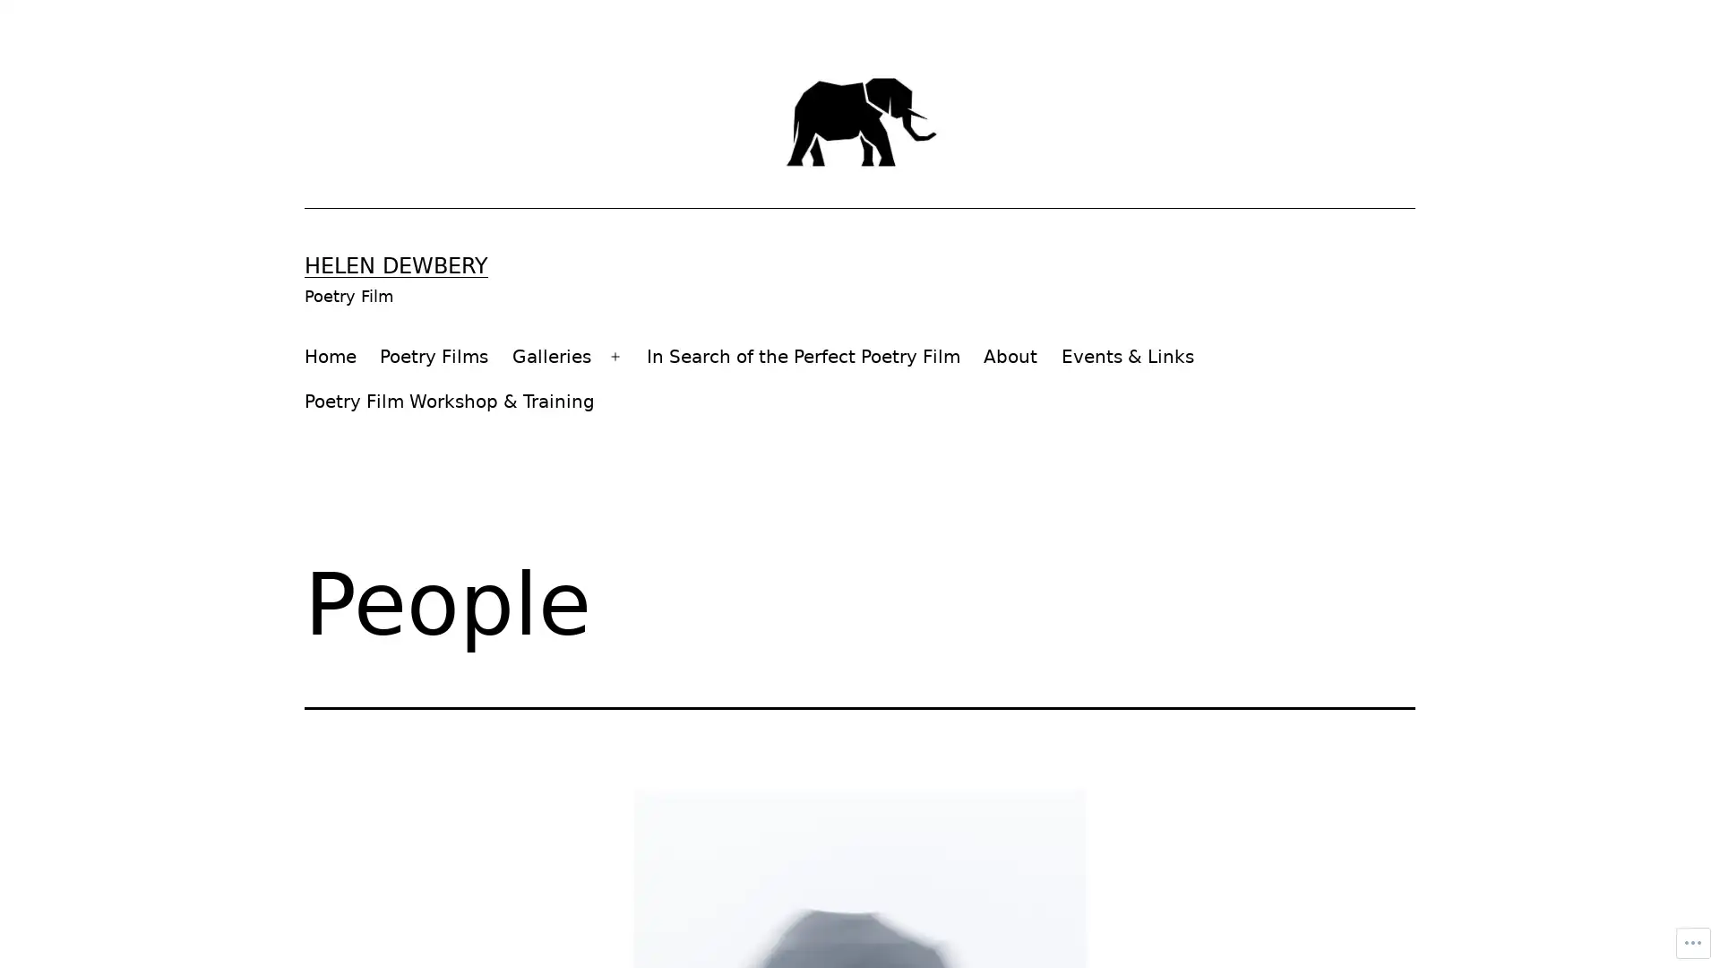 Image resolution: width=1720 pixels, height=968 pixels. Describe the element at coordinates (615, 356) in the screenshot. I see `Open menu` at that location.